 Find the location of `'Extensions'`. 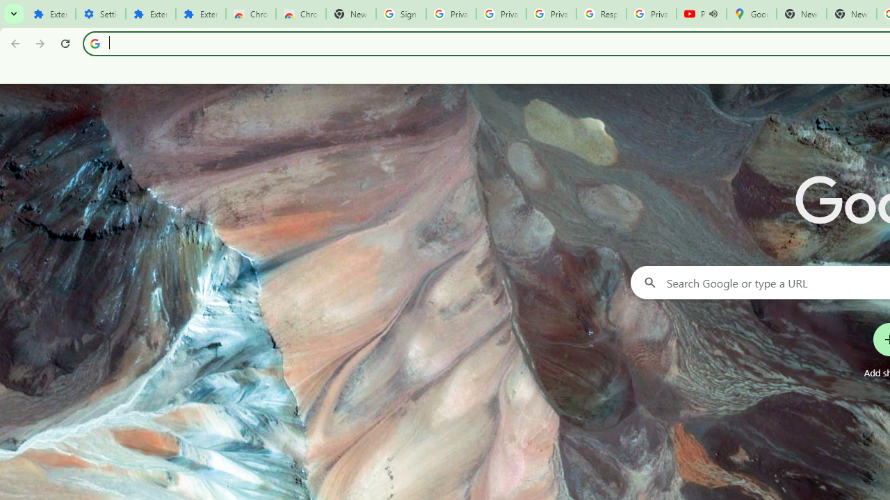

'Extensions' is located at coordinates (150, 14).